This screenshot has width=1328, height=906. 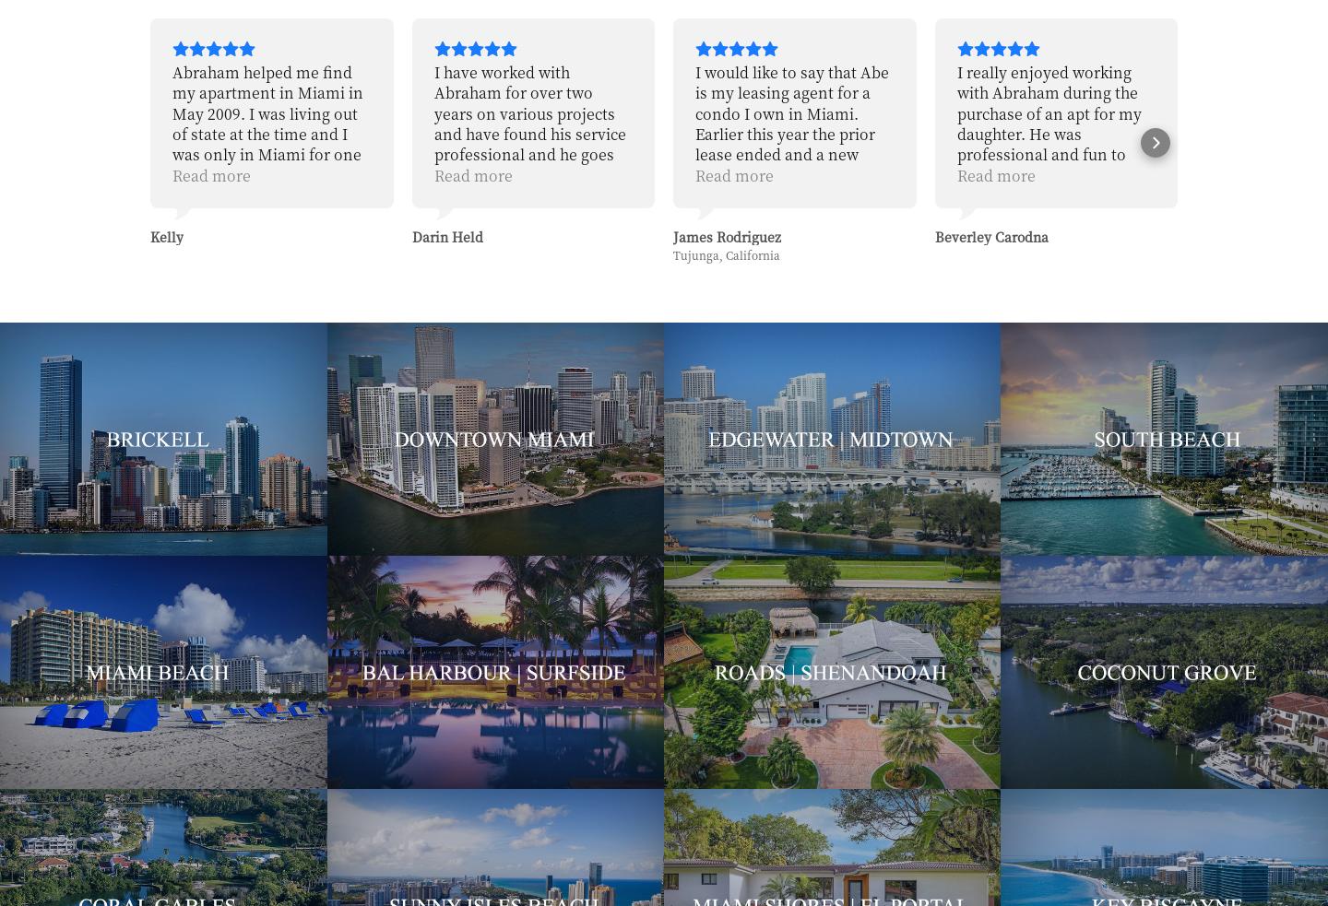 I want to click on 'Ana Whitby - Brazil', so click(x=1257, y=236).